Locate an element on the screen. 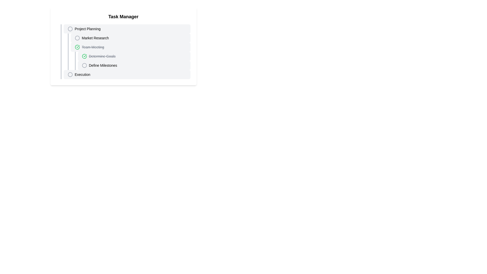  the Circle Checkmark icon within the 'Determine Goals' sidebar panel, indicating task completion is located at coordinates (84, 56).